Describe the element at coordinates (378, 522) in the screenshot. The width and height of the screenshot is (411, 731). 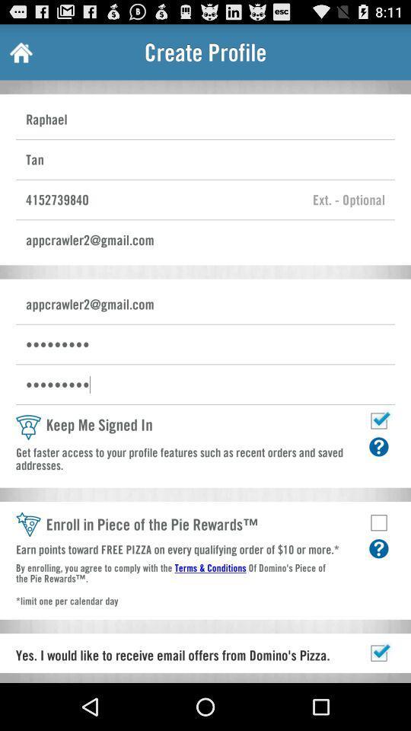
I see `enroll account in rewards program` at that location.